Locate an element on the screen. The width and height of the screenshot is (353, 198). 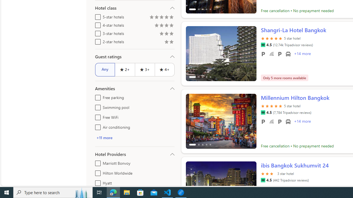
'Hilton Worldwide' is located at coordinates (97, 172).